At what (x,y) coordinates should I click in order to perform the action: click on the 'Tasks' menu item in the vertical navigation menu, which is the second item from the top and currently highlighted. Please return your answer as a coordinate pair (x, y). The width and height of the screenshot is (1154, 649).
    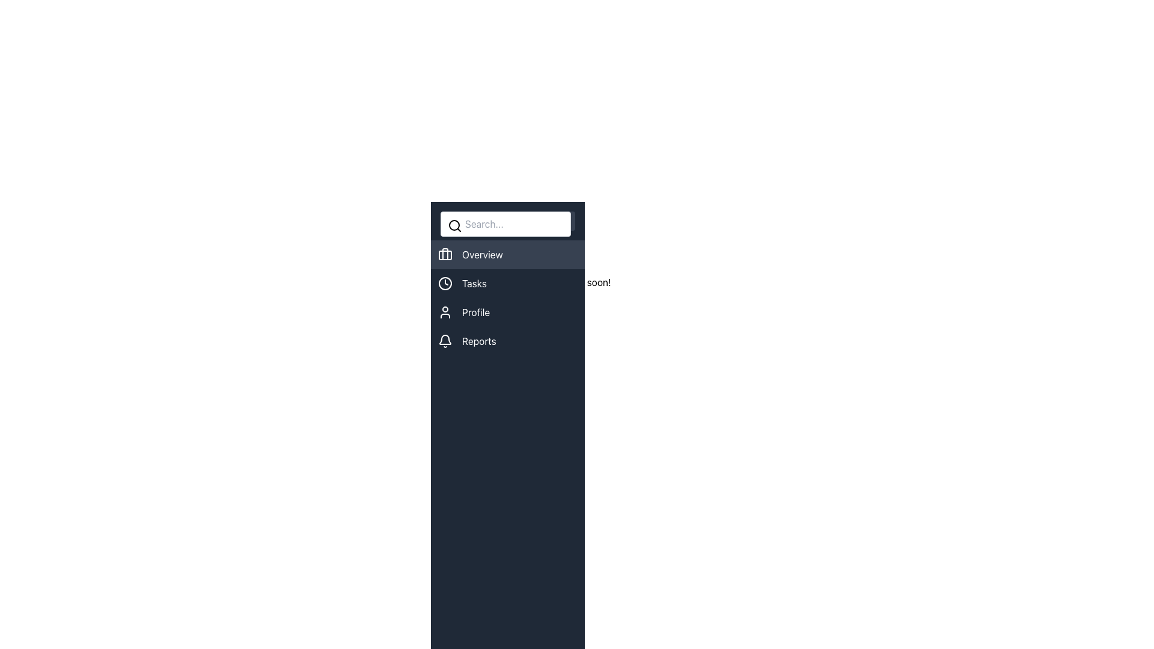
    Looking at the image, I should click on (507, 297).